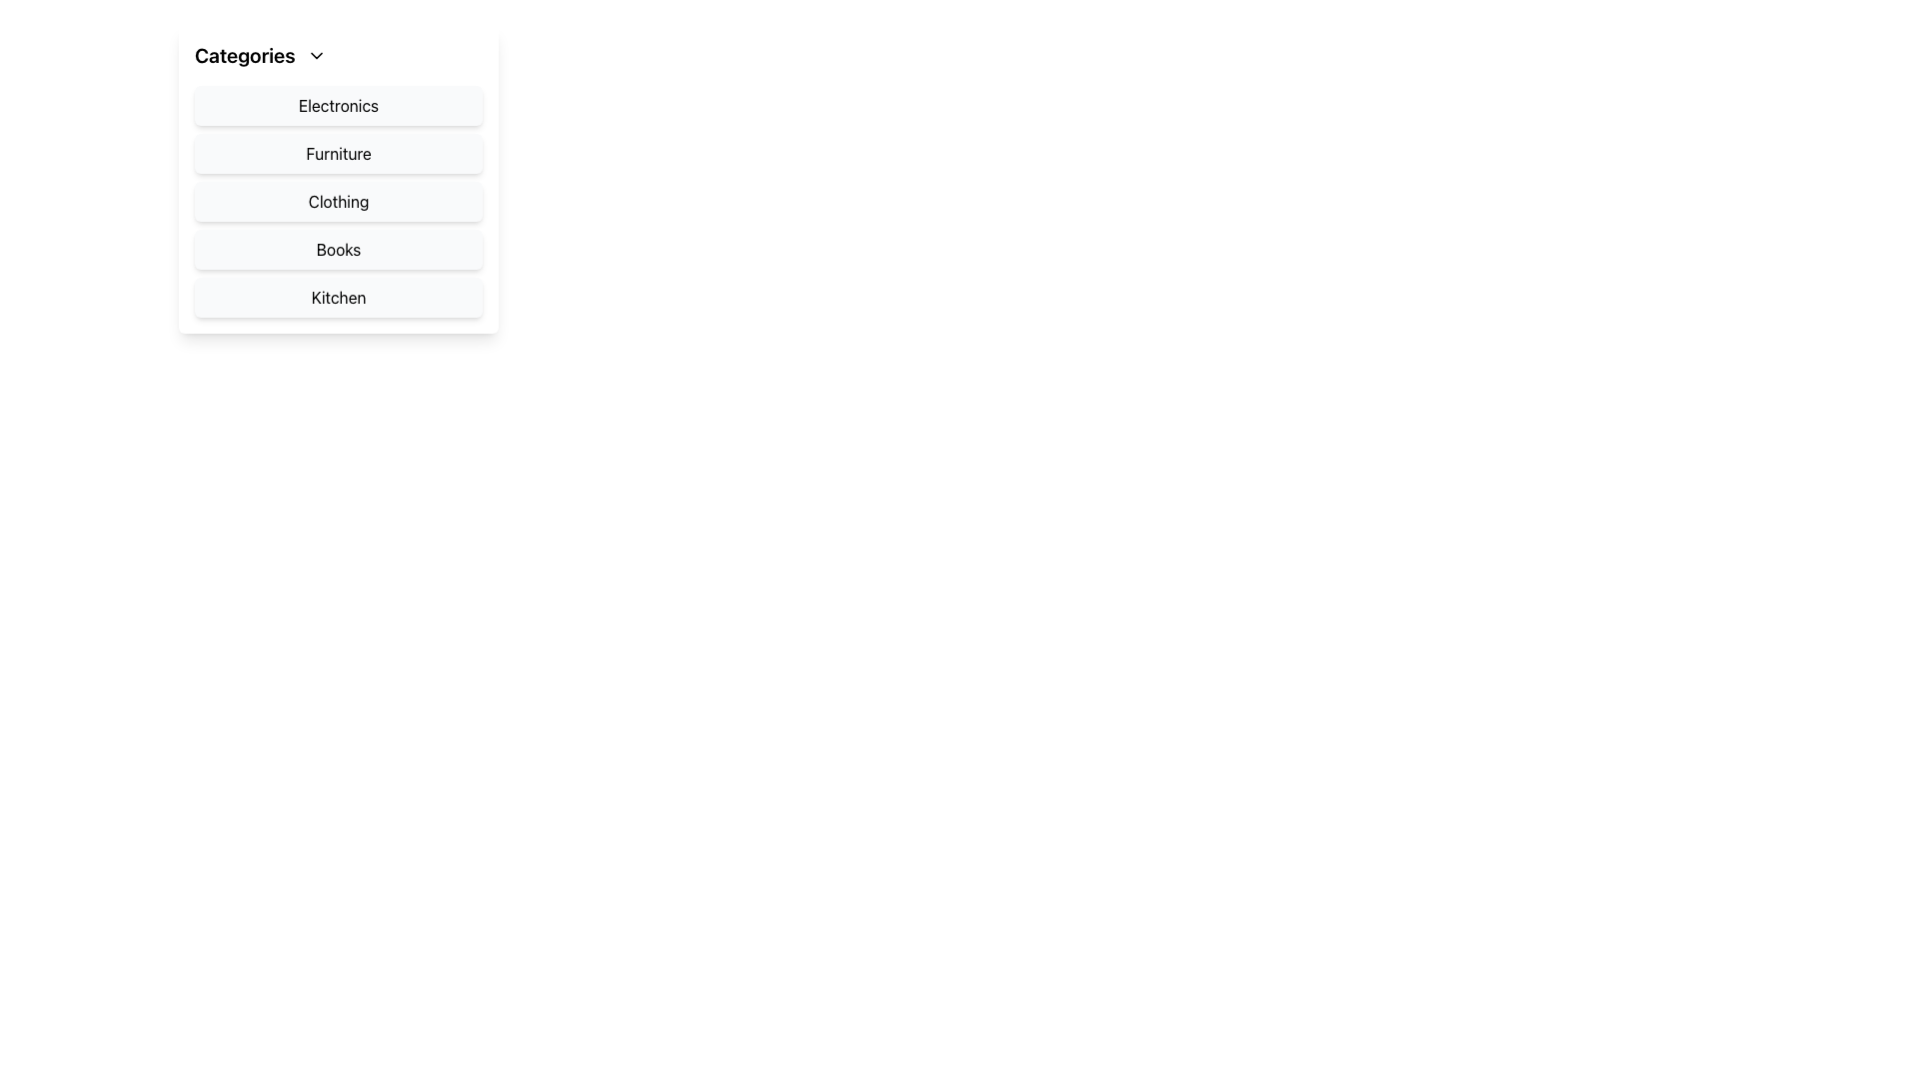 This screenshot has height=1079, width=1919. What do you see at coordinates (339, 201) in the screenshot?
I see `the 'Clothing' button, which is the third button in the 'Categories' section` at bounding box center [339, 201].